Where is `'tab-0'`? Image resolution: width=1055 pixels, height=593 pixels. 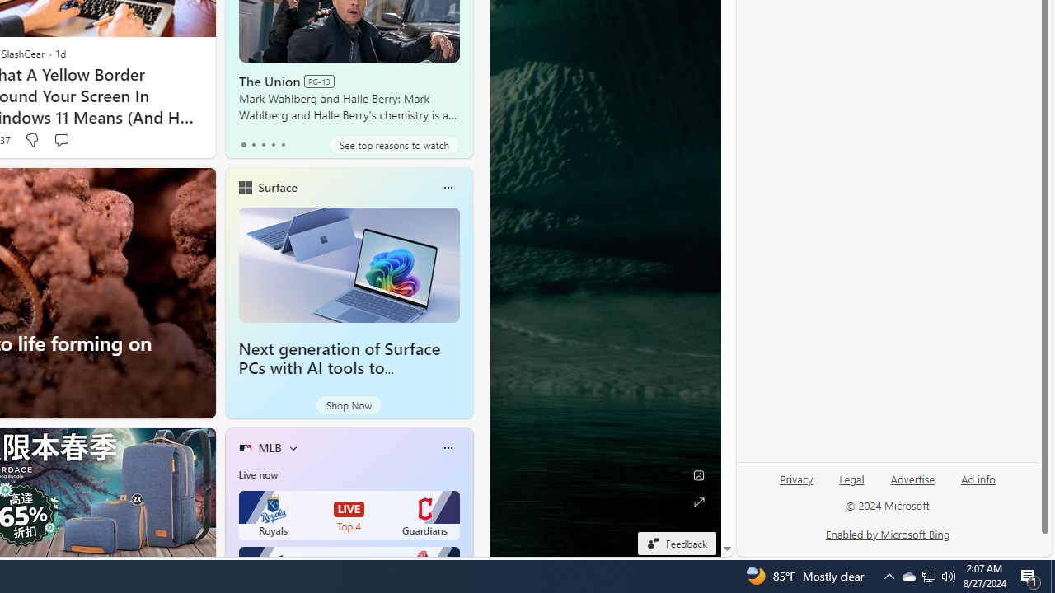 'tab-0' is located at coordinates (242, 144).